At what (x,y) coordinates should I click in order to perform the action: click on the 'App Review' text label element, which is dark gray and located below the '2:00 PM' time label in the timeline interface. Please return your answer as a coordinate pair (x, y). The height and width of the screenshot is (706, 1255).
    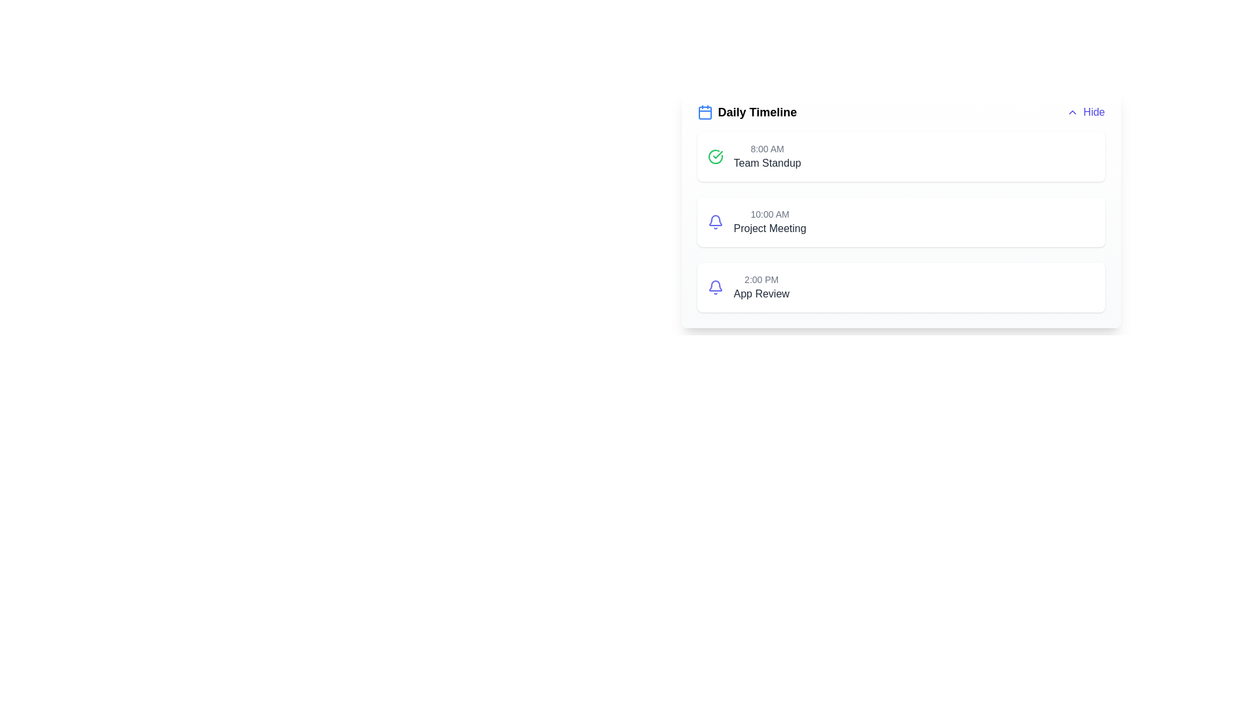
    Looking at the image, I should click on (761, 294).